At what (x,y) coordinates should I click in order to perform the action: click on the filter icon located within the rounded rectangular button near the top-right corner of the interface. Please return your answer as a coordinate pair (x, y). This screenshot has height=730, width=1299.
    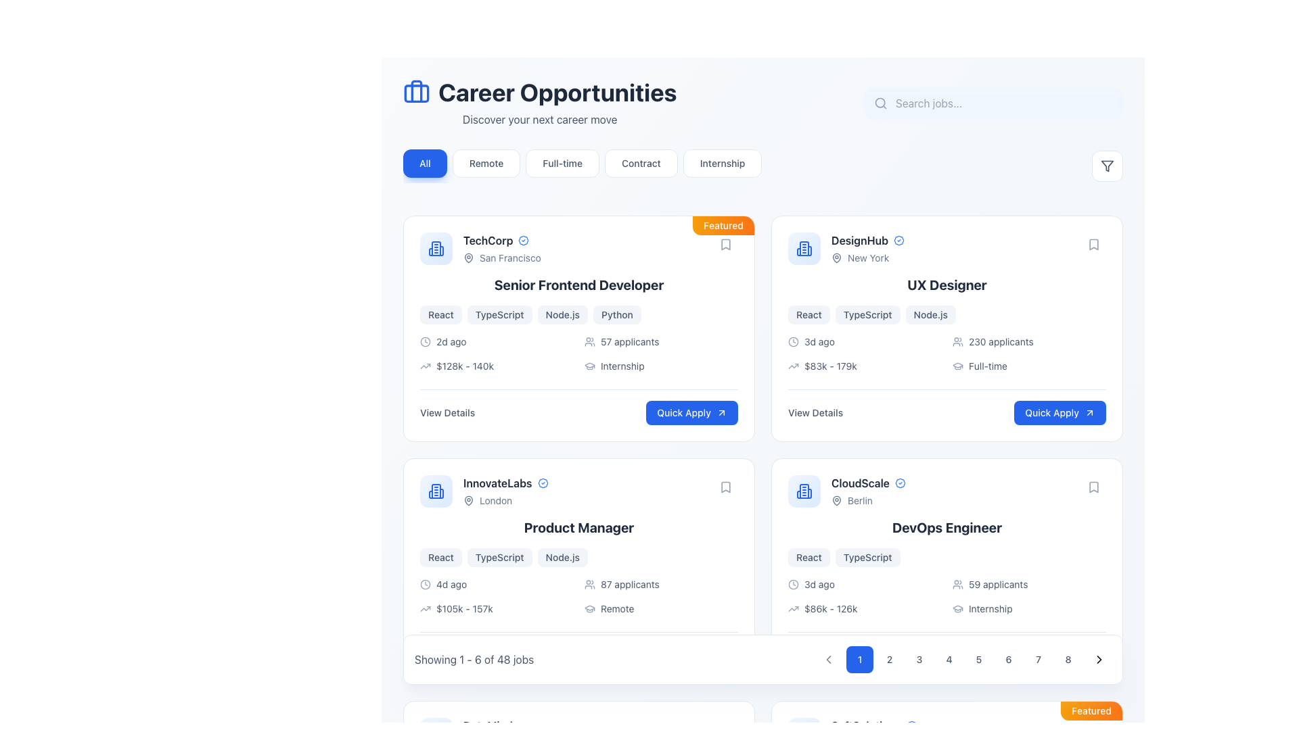
    Looking at the image, I should click on (1107, 166).